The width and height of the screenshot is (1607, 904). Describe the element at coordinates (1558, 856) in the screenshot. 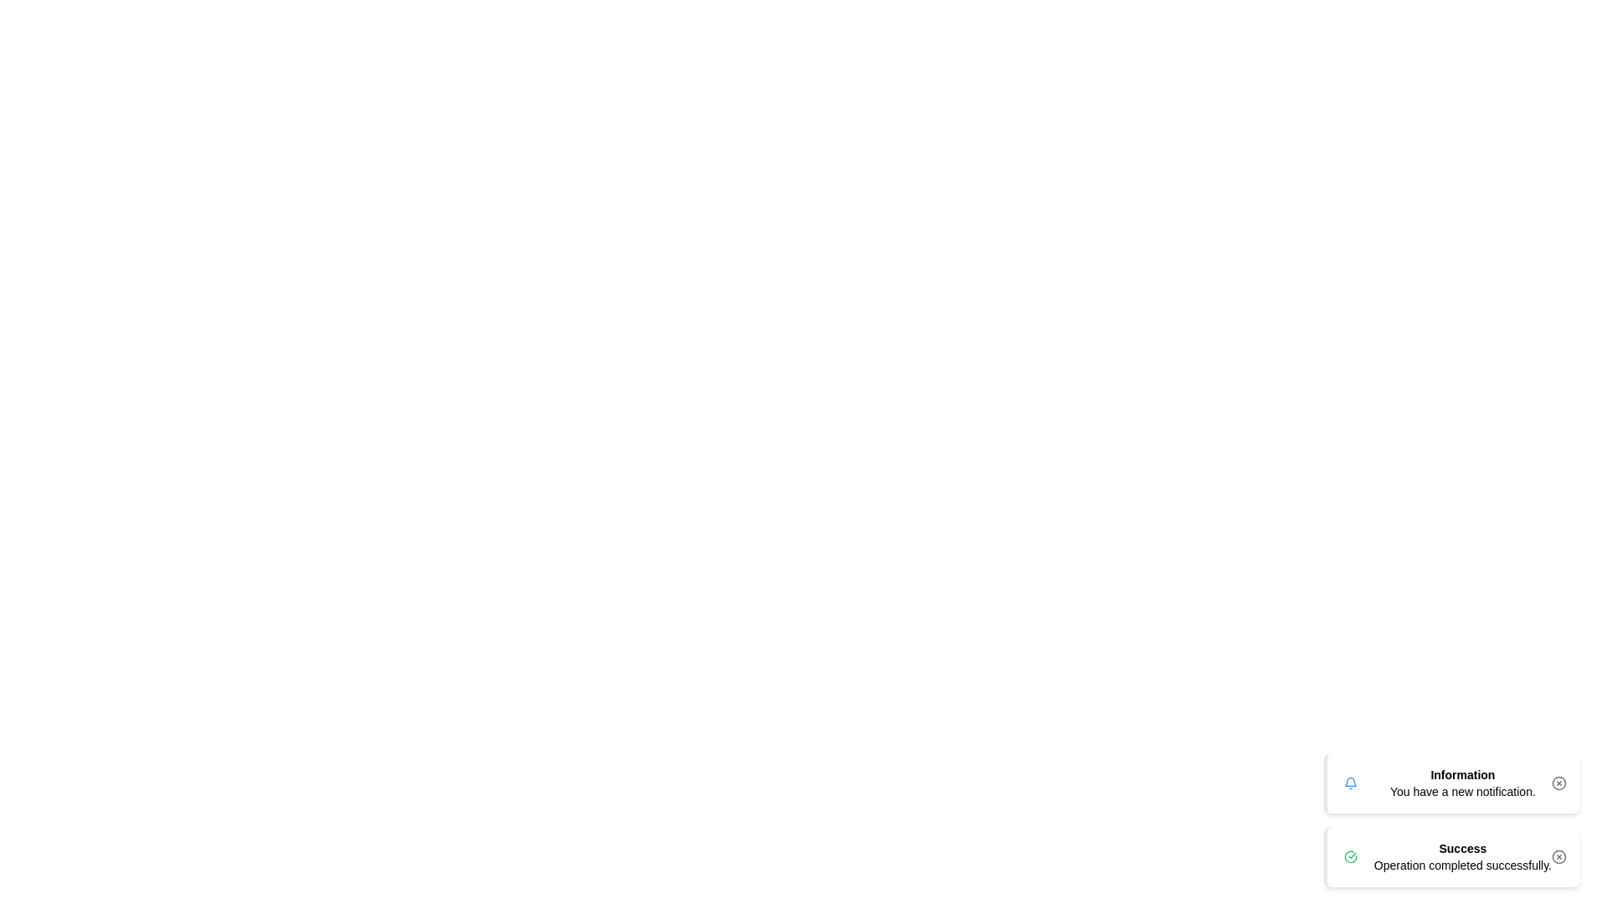

I see `the button located at the far right of the 'Success' notification box` at that location.